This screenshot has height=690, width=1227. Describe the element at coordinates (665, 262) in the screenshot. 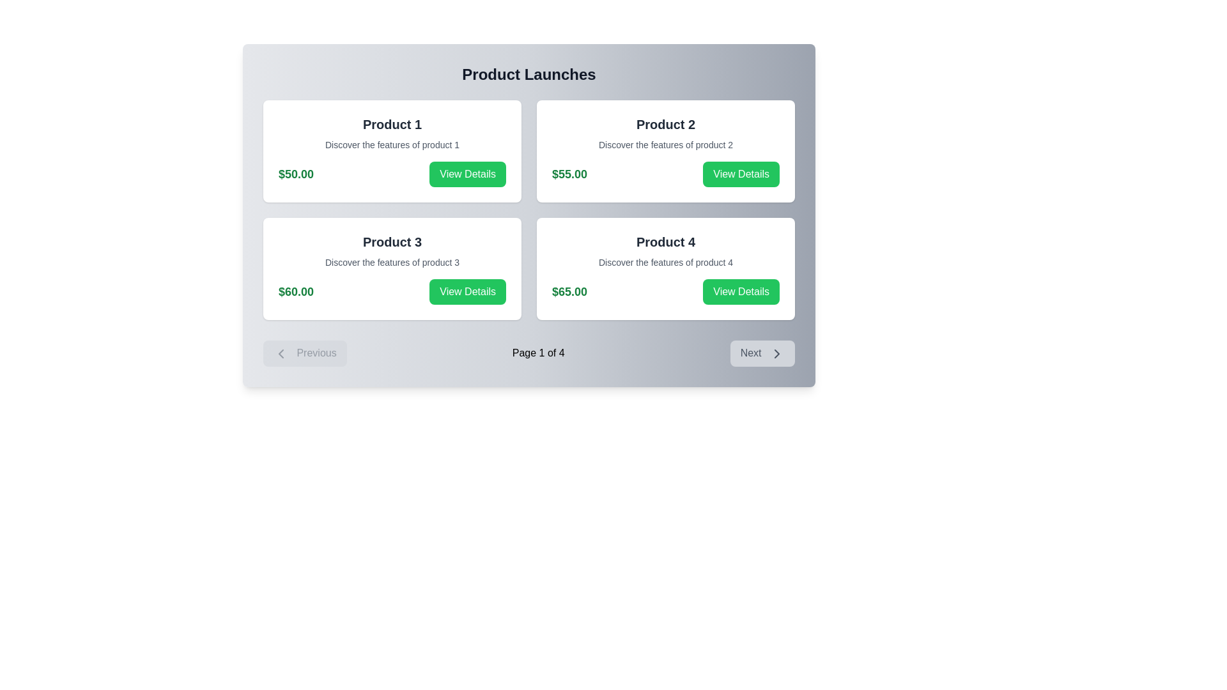

I see `the text label that says 'Discover the features of product 4', which is styled in a small gray font and is positioned below the 'Product 4' header and above the price information` at that location.